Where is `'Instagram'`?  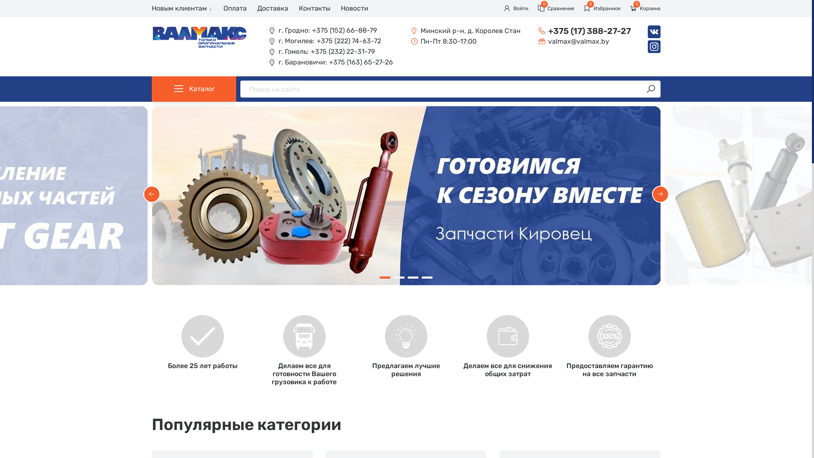 'Instagram' is located at coordinates (653, 47).